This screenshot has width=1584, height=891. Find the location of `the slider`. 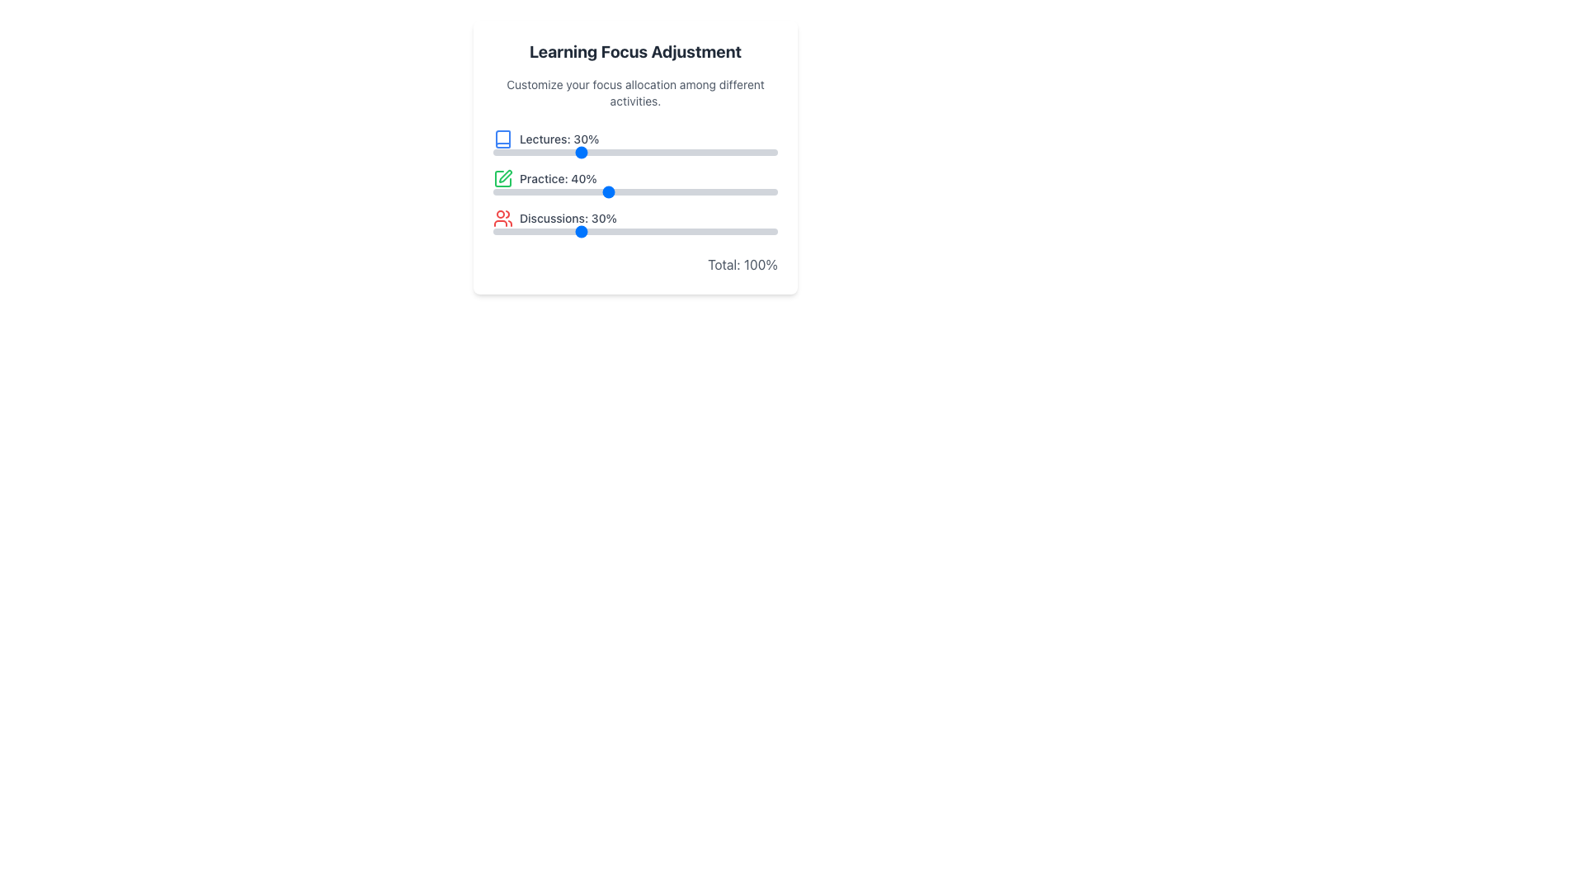

the slider is located at coordinates (493, 232).